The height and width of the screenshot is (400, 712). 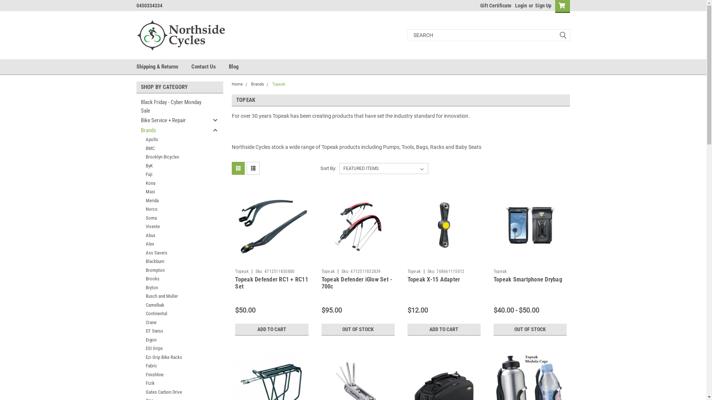 What do you see at coordinates (228, 67) in the screenshot?
I see `'Blog'` at bounding box center [228, 67].